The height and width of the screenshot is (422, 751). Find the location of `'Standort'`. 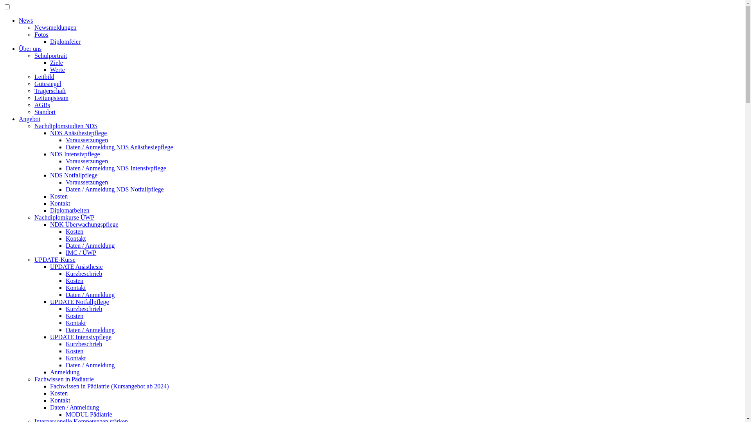

'Standort' is located at coordinates (45, 112).